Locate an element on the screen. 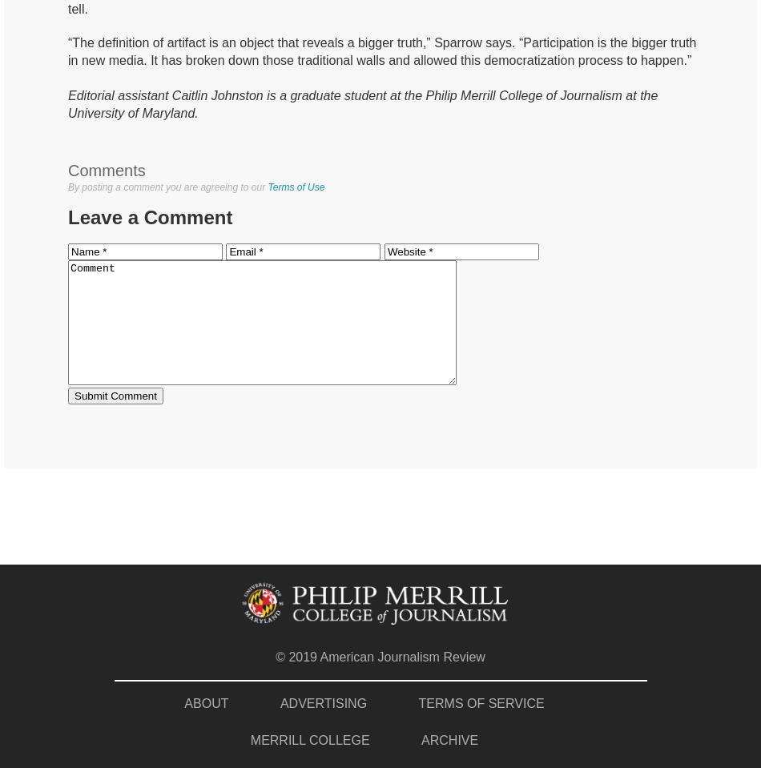 Image resolution: width=761 pixels, height=768 pixels. 'Editorial assistant Caitlin Johnston is a graduate student at the Philip Merrill College of Journalism at the University of Maryland.' is located at coordinates (361, 103).